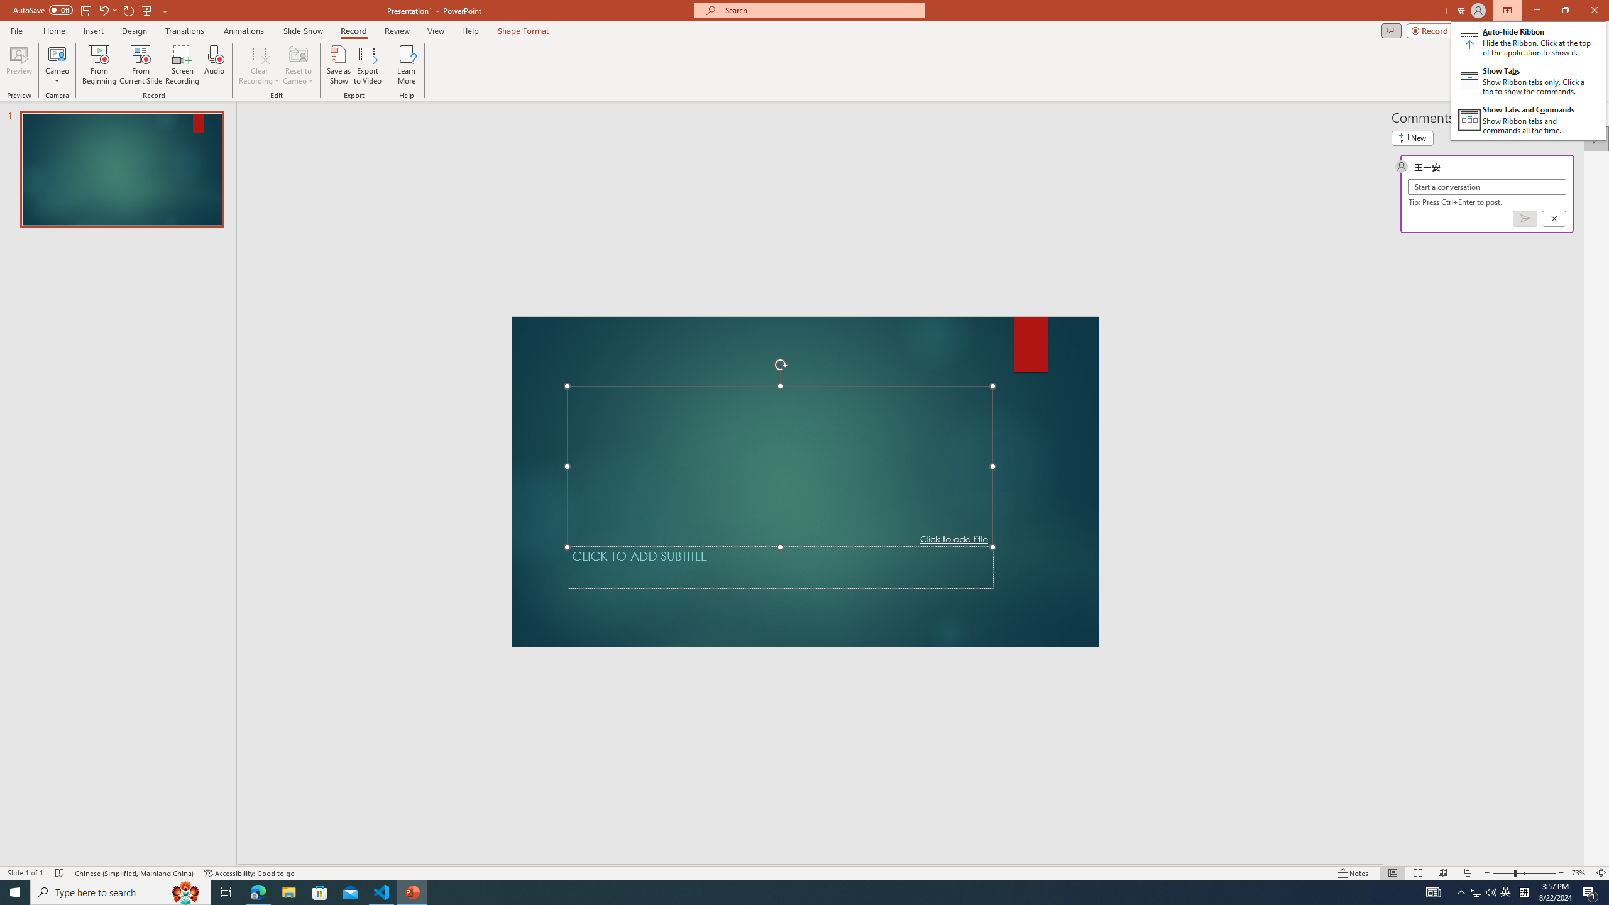 The image size is (1609, 905). What do you see at coordinates (1507, 10) in the screenshot?
I see `'Ribbon Display Options'` at bounding box center [1507, 10].